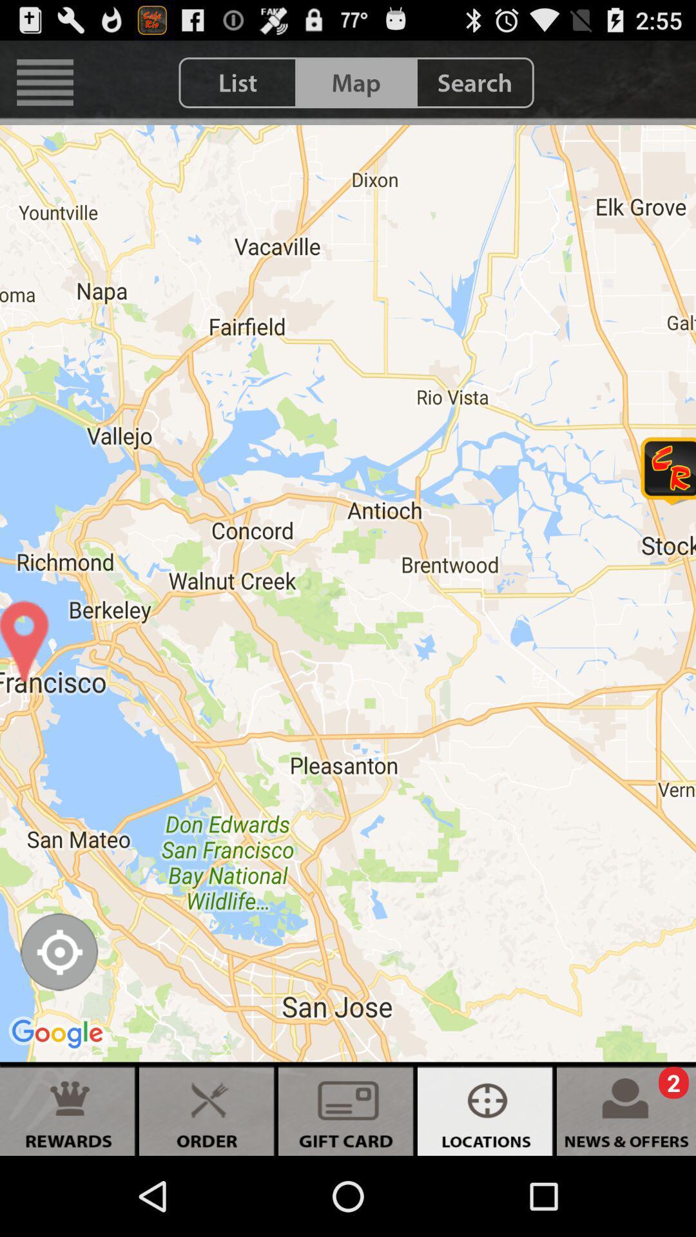 The width and height of the screenshot is (696, 1237). I want to click on map selection tool, so click(59, 952).